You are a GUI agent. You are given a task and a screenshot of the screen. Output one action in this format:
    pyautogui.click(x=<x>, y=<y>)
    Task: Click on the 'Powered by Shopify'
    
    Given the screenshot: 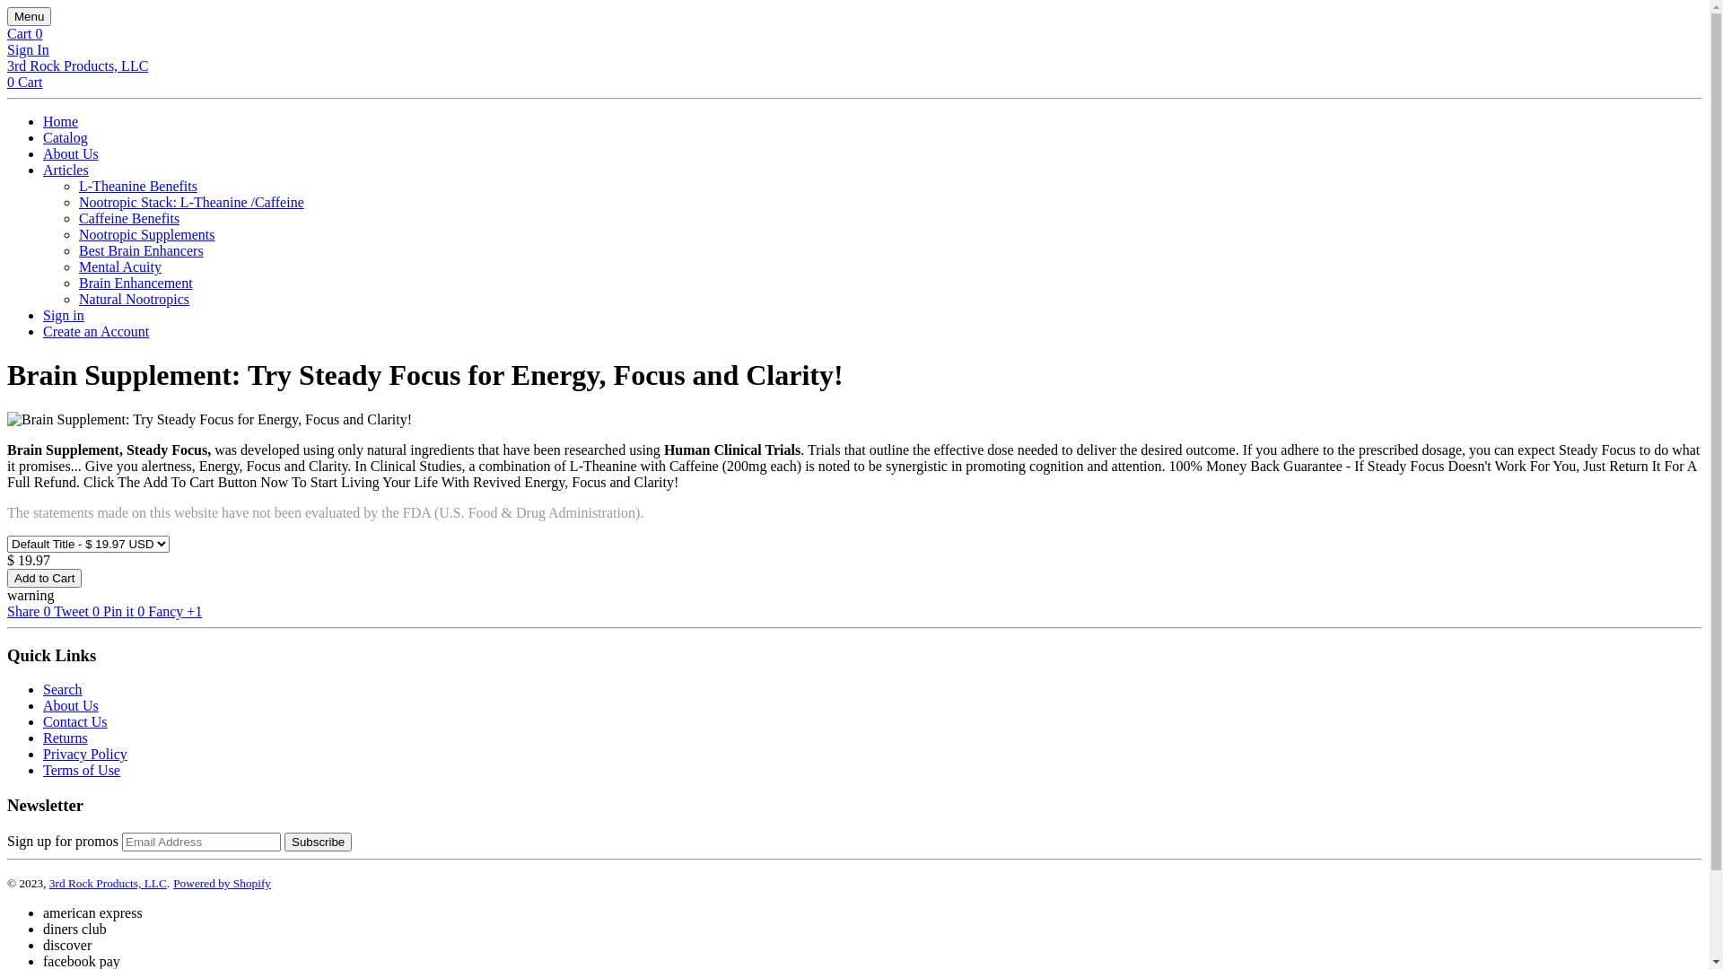 What is the action you would take?
    pyautogui.click(x=221, y=882)
    